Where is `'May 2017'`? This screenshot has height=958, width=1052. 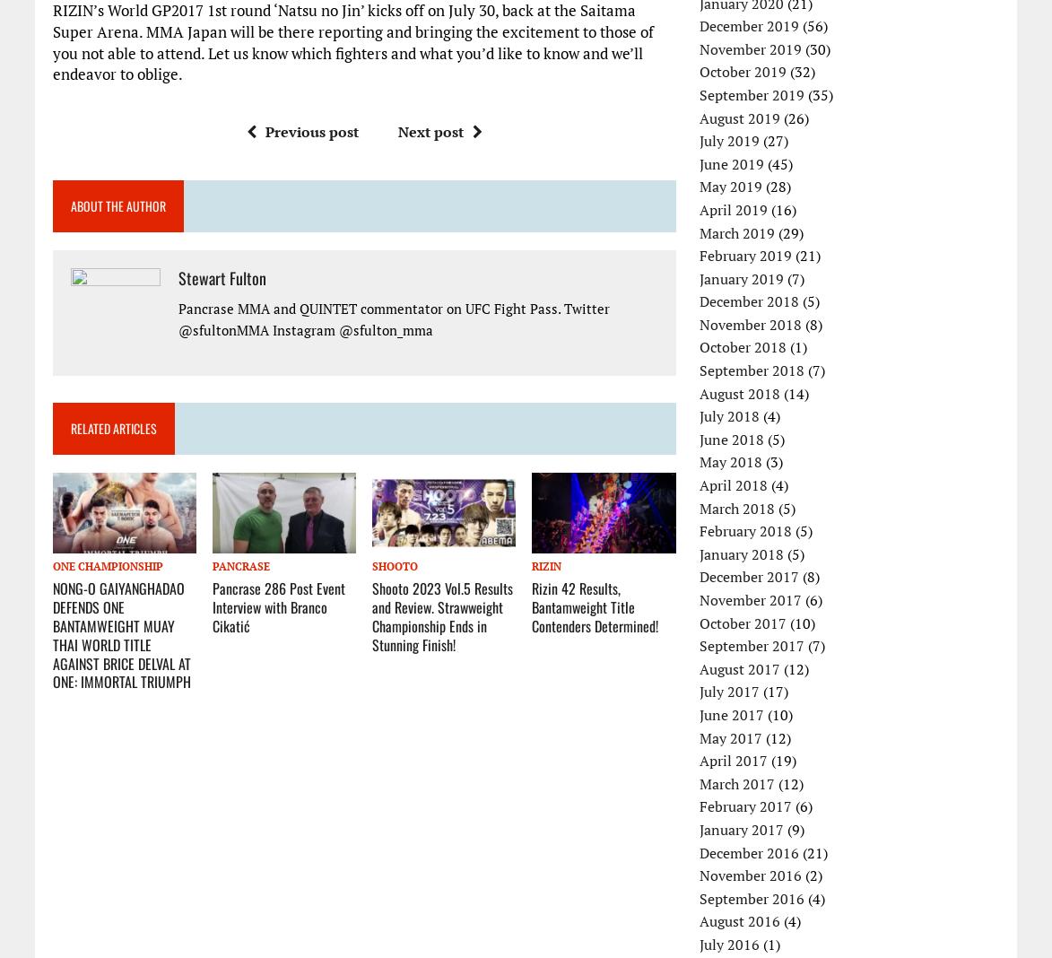 'May 2017' is located at coordinates (731, 736).